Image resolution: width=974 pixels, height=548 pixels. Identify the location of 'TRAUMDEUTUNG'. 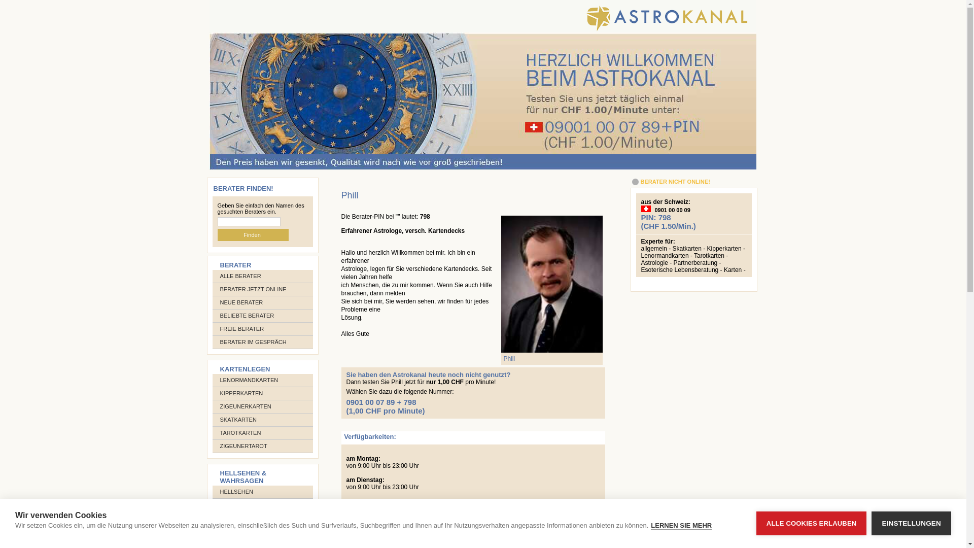
(219, 518).